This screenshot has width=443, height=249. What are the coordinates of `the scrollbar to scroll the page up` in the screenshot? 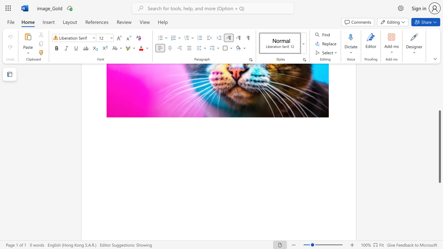 It's located at (439, 93).